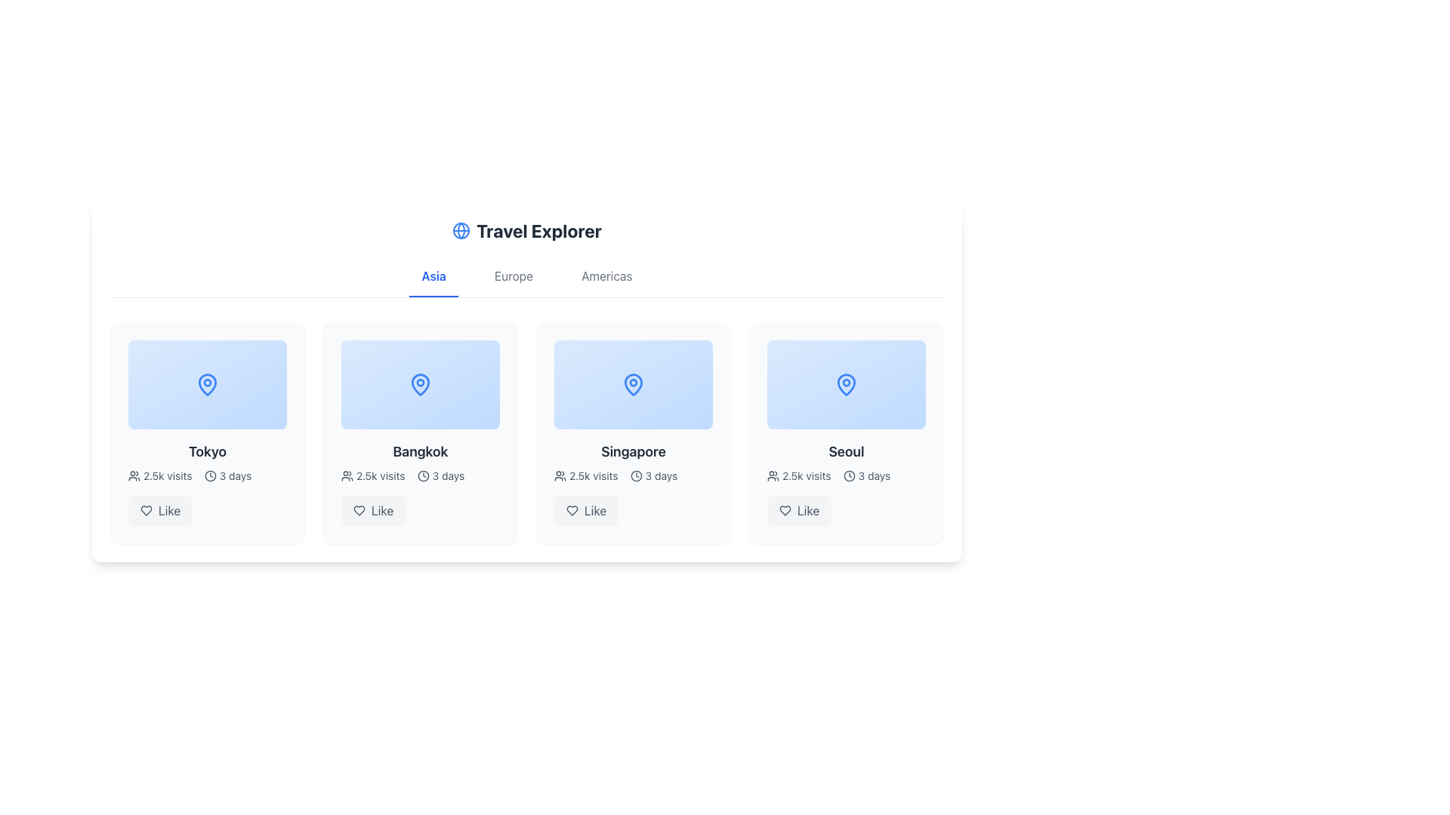  Describe the element at coordinates (847, 383) in the screenshot. I see `the blue map pin icon located in the card labeled 'Seoul', which is the fourth card from the left in a row of horizontally aligned cards` at that location.